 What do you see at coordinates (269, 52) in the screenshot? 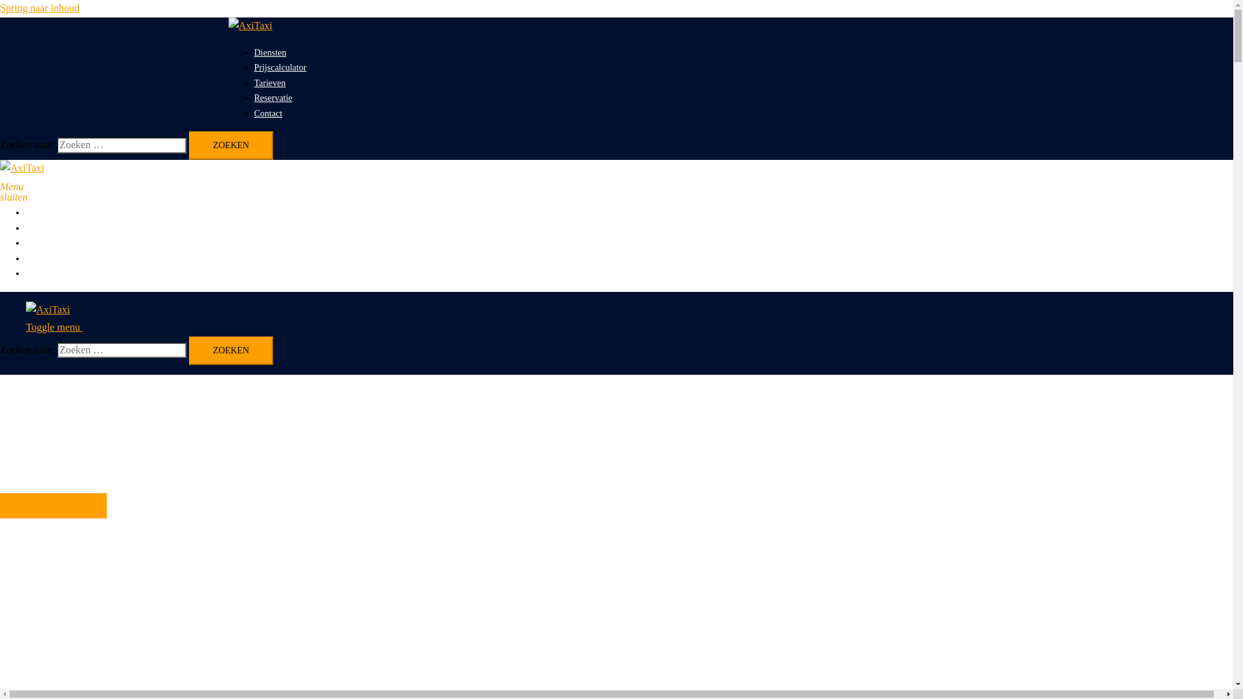
I see `'Diensten'` at bounding box center [269, 52].